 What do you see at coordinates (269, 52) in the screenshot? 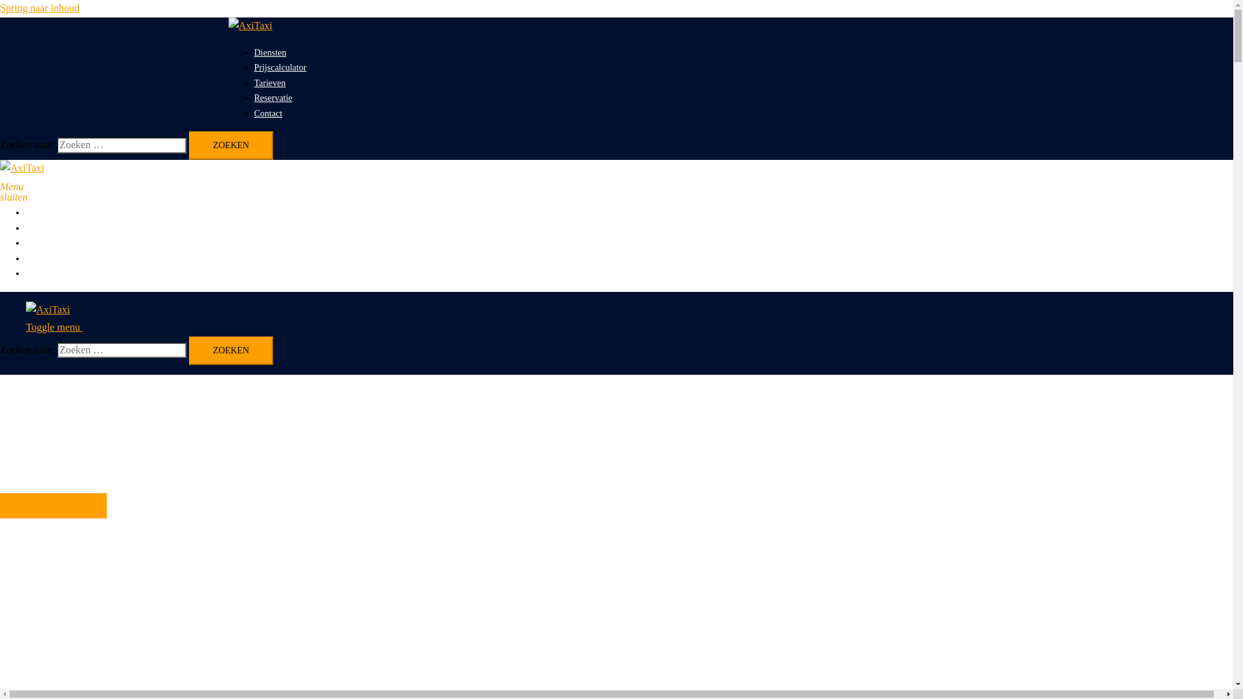
I see `'Diensten'` at bounding box center [269, 52].